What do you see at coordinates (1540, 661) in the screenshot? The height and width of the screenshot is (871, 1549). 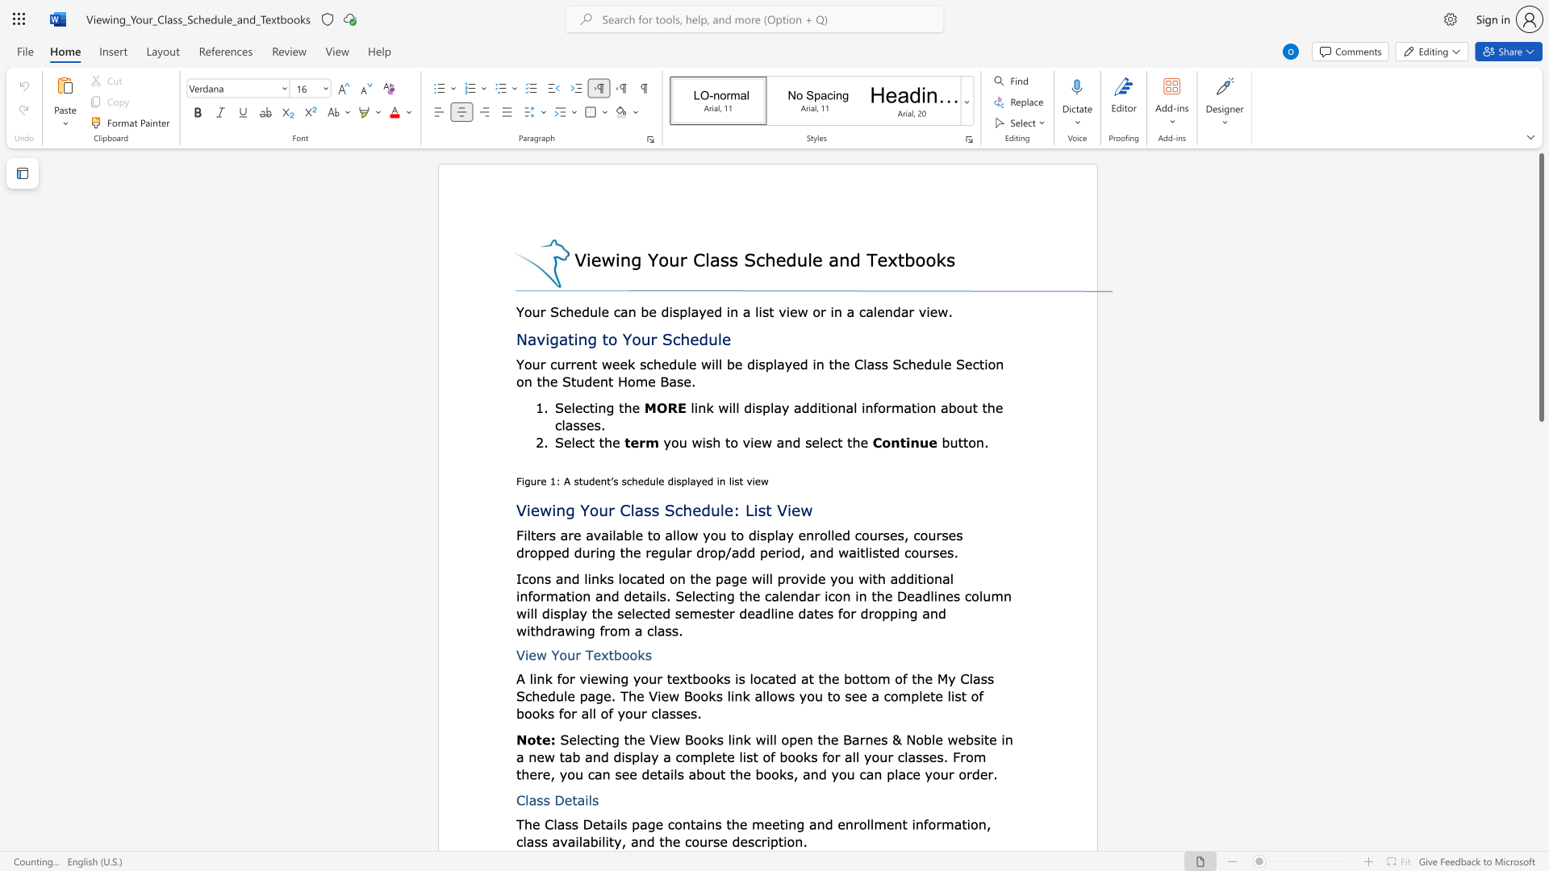 I see `the scrollbar to adjust the page downward` at bounding box center [1540, 661].